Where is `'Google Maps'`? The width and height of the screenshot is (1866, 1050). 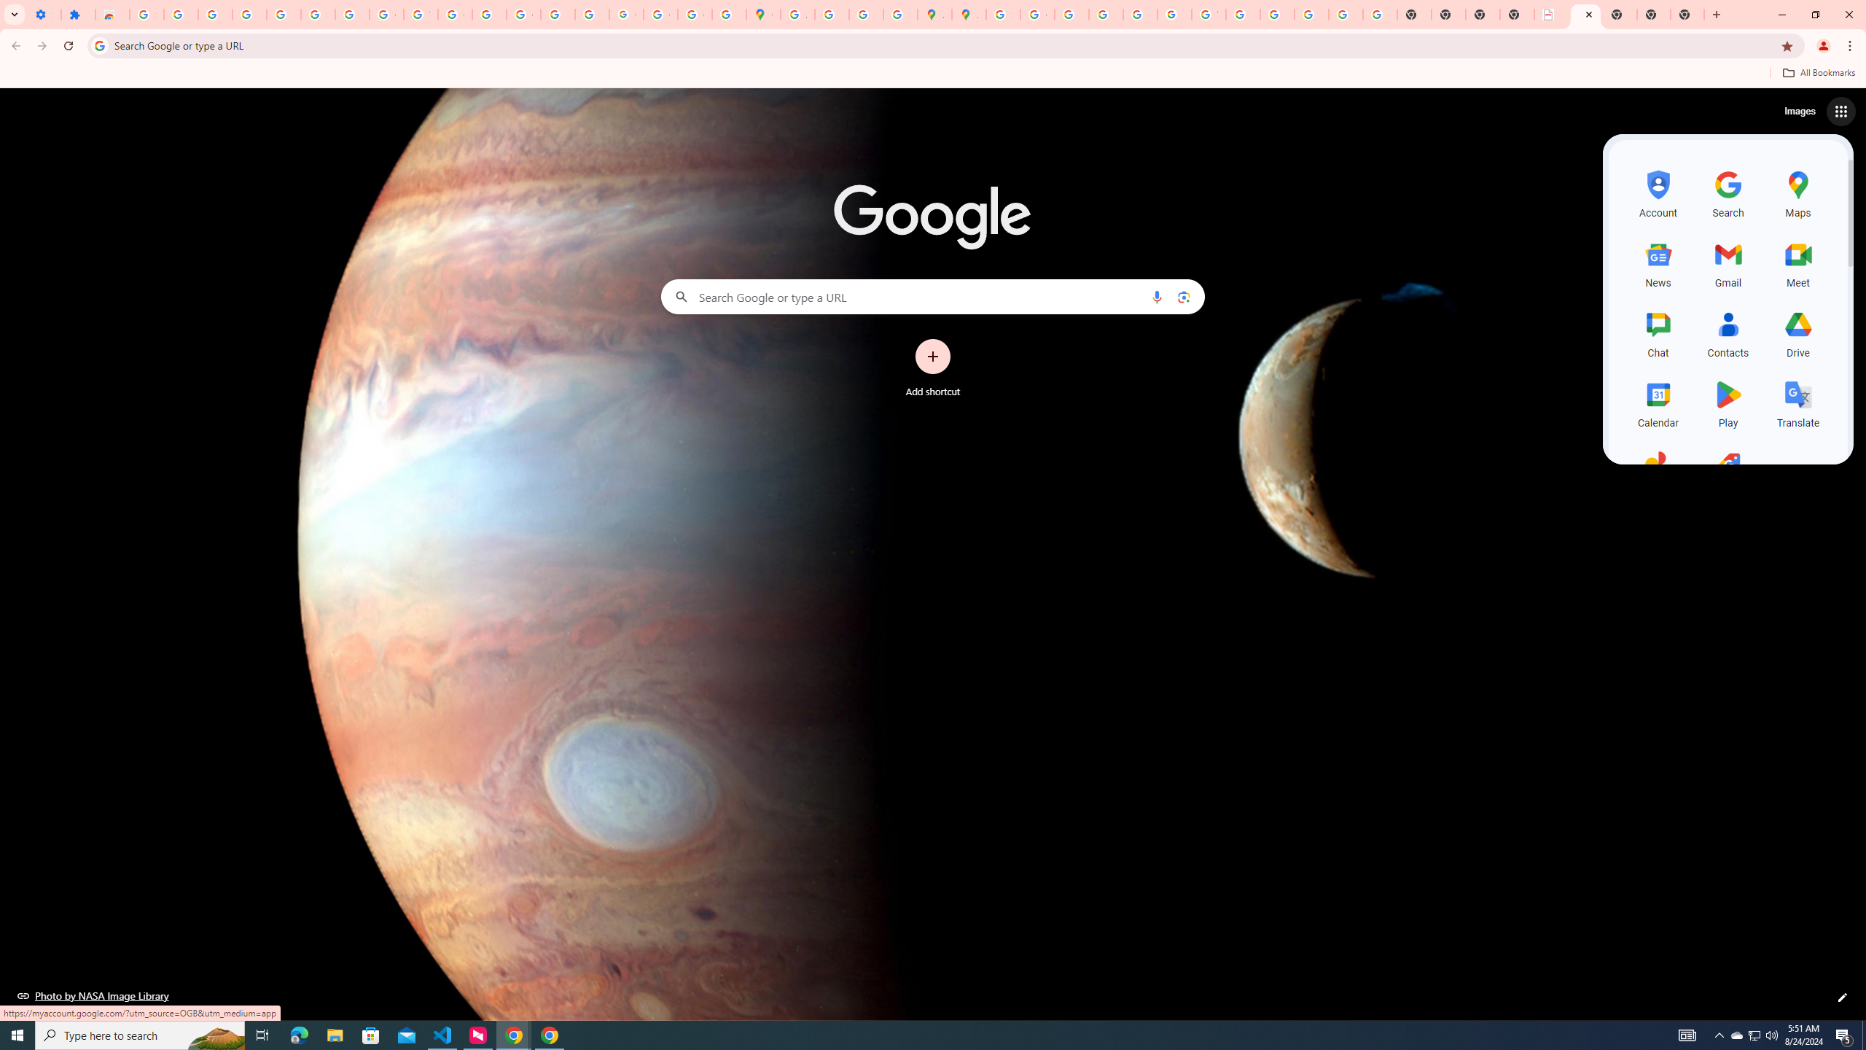
'Google Maps' is located at coordinates (763, 14).